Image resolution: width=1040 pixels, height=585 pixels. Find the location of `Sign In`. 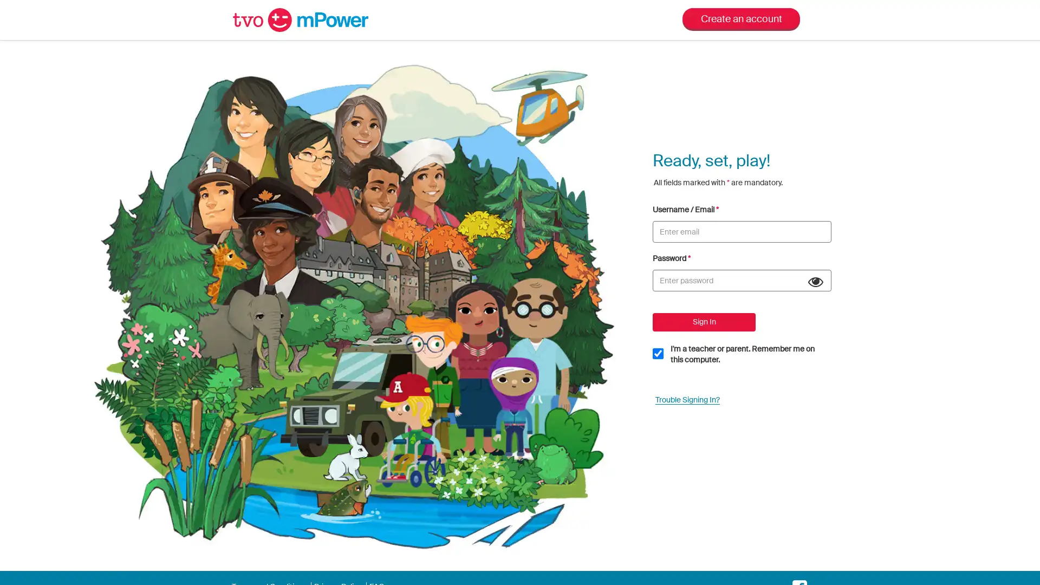

Sign In is located at coordinates (704, 321).